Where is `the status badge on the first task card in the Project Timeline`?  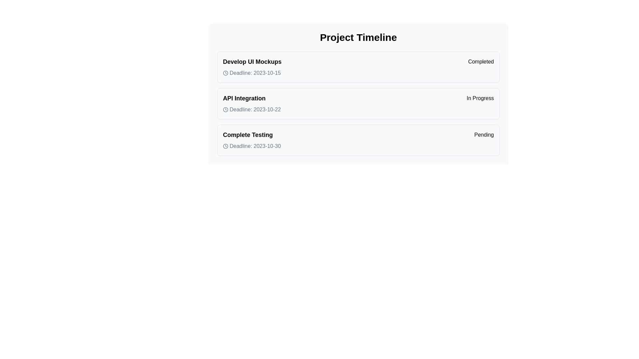 the status badge on the first task card in the Project Timeline is located at coordinates (358, 67).